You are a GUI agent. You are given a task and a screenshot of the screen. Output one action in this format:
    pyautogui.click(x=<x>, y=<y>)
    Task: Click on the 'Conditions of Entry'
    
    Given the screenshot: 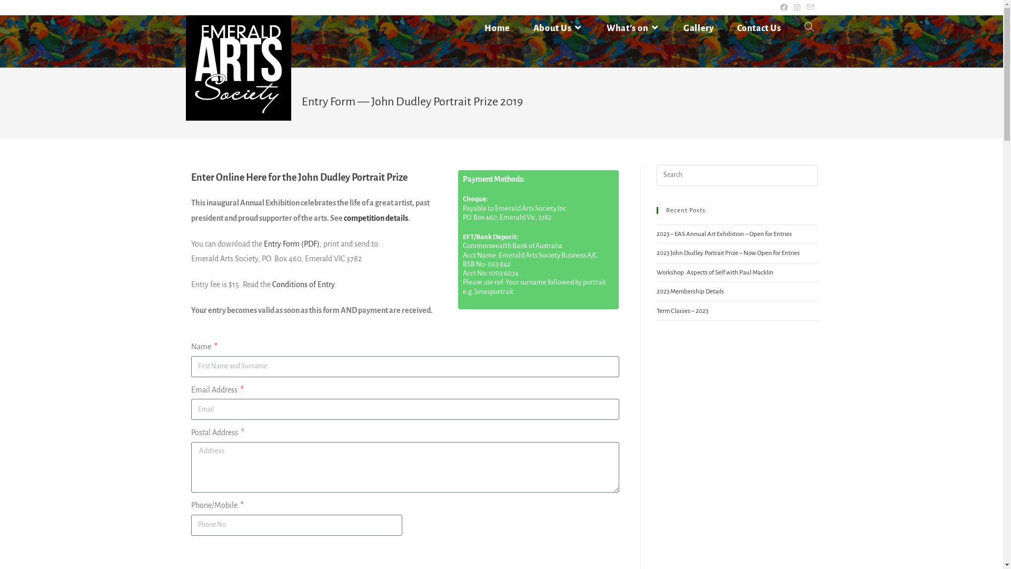 What is the action you would take?
    pyautogui.click(x=302, y=284)
    